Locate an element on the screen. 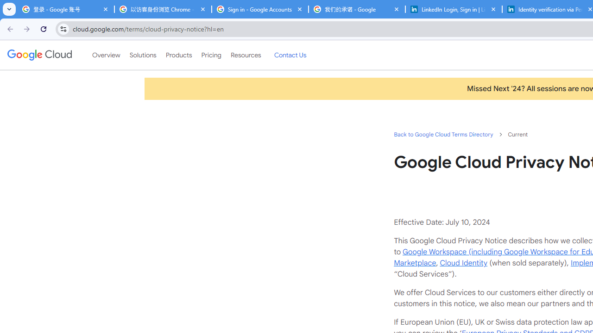 This screenshot has height=333, width=593. 'Cloud Identity' is located at coordinates (463, 263).